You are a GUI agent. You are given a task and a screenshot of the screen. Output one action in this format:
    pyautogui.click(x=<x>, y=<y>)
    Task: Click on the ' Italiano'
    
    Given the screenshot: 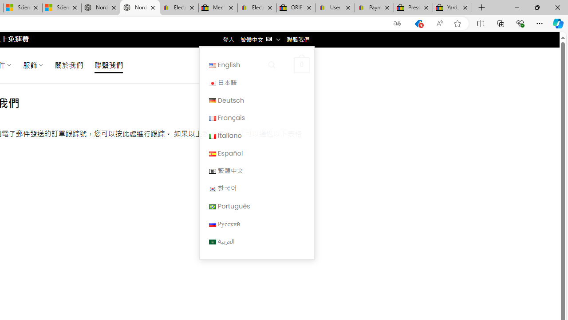 What is the action you would take?
    pyautogui.click(x=256, y=135)
    